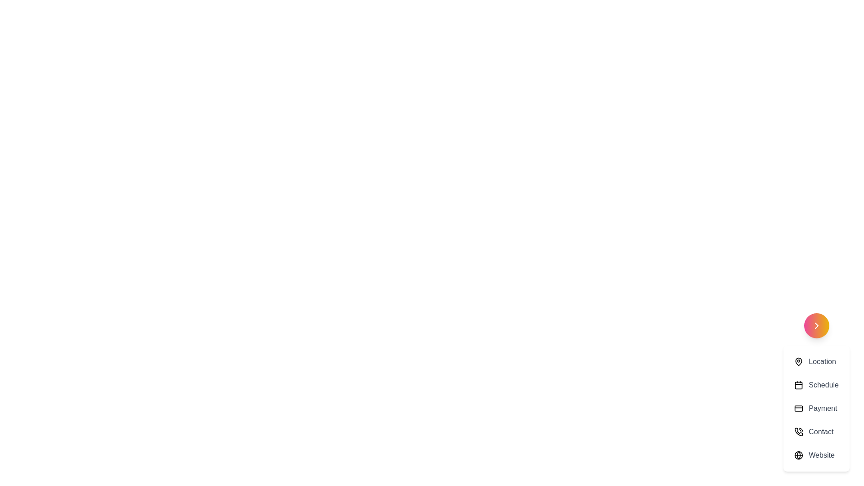 This screenshot has width=864, height=486. Describe the element at coordinates (816, 385) in the screenshot. I see `the menu option Schedule` at that location.